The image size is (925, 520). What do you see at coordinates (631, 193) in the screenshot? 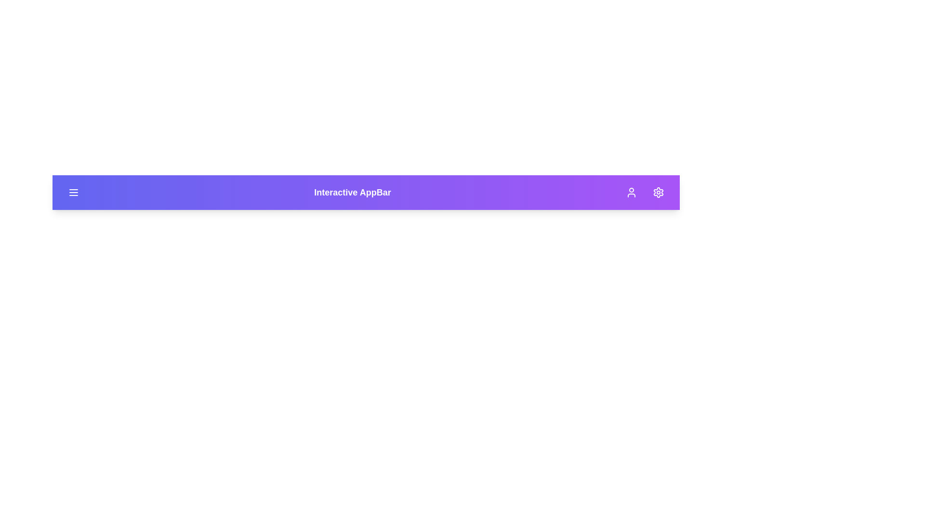
I see `the user icon button` at bounding box center [631, 193].